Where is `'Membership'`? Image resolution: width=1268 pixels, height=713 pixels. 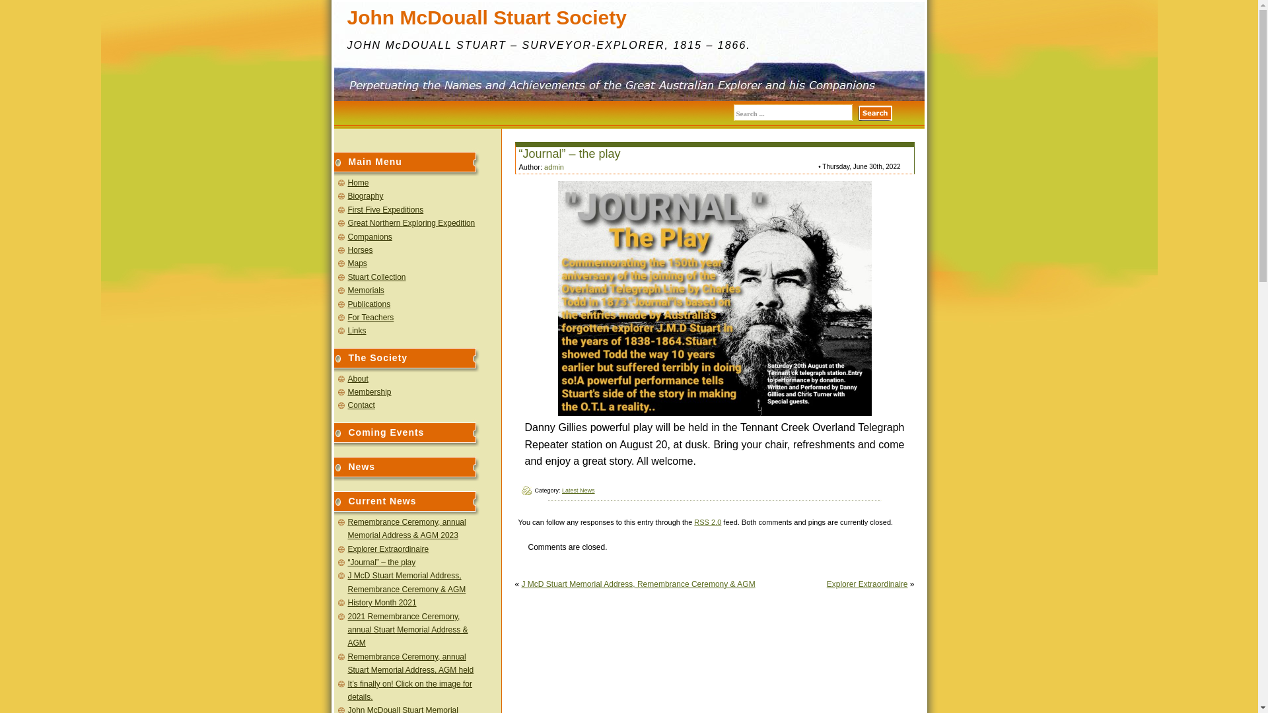 'Membership' is located at coordinates (369, 391).